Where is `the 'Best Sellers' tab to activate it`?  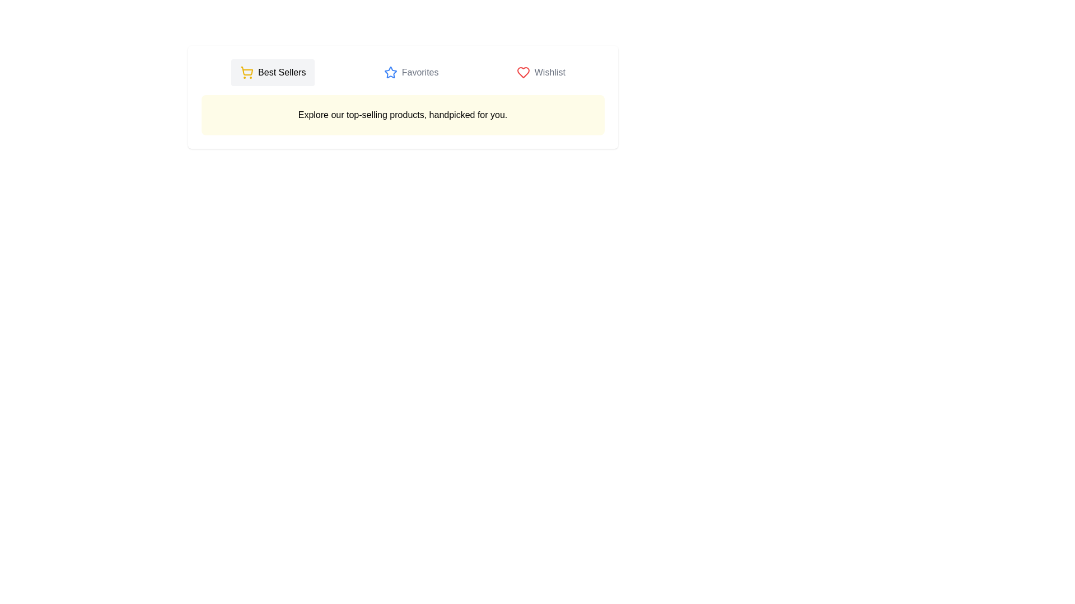 the 'Best Sellers' tab to activate it is located at coordinates (273, 73).